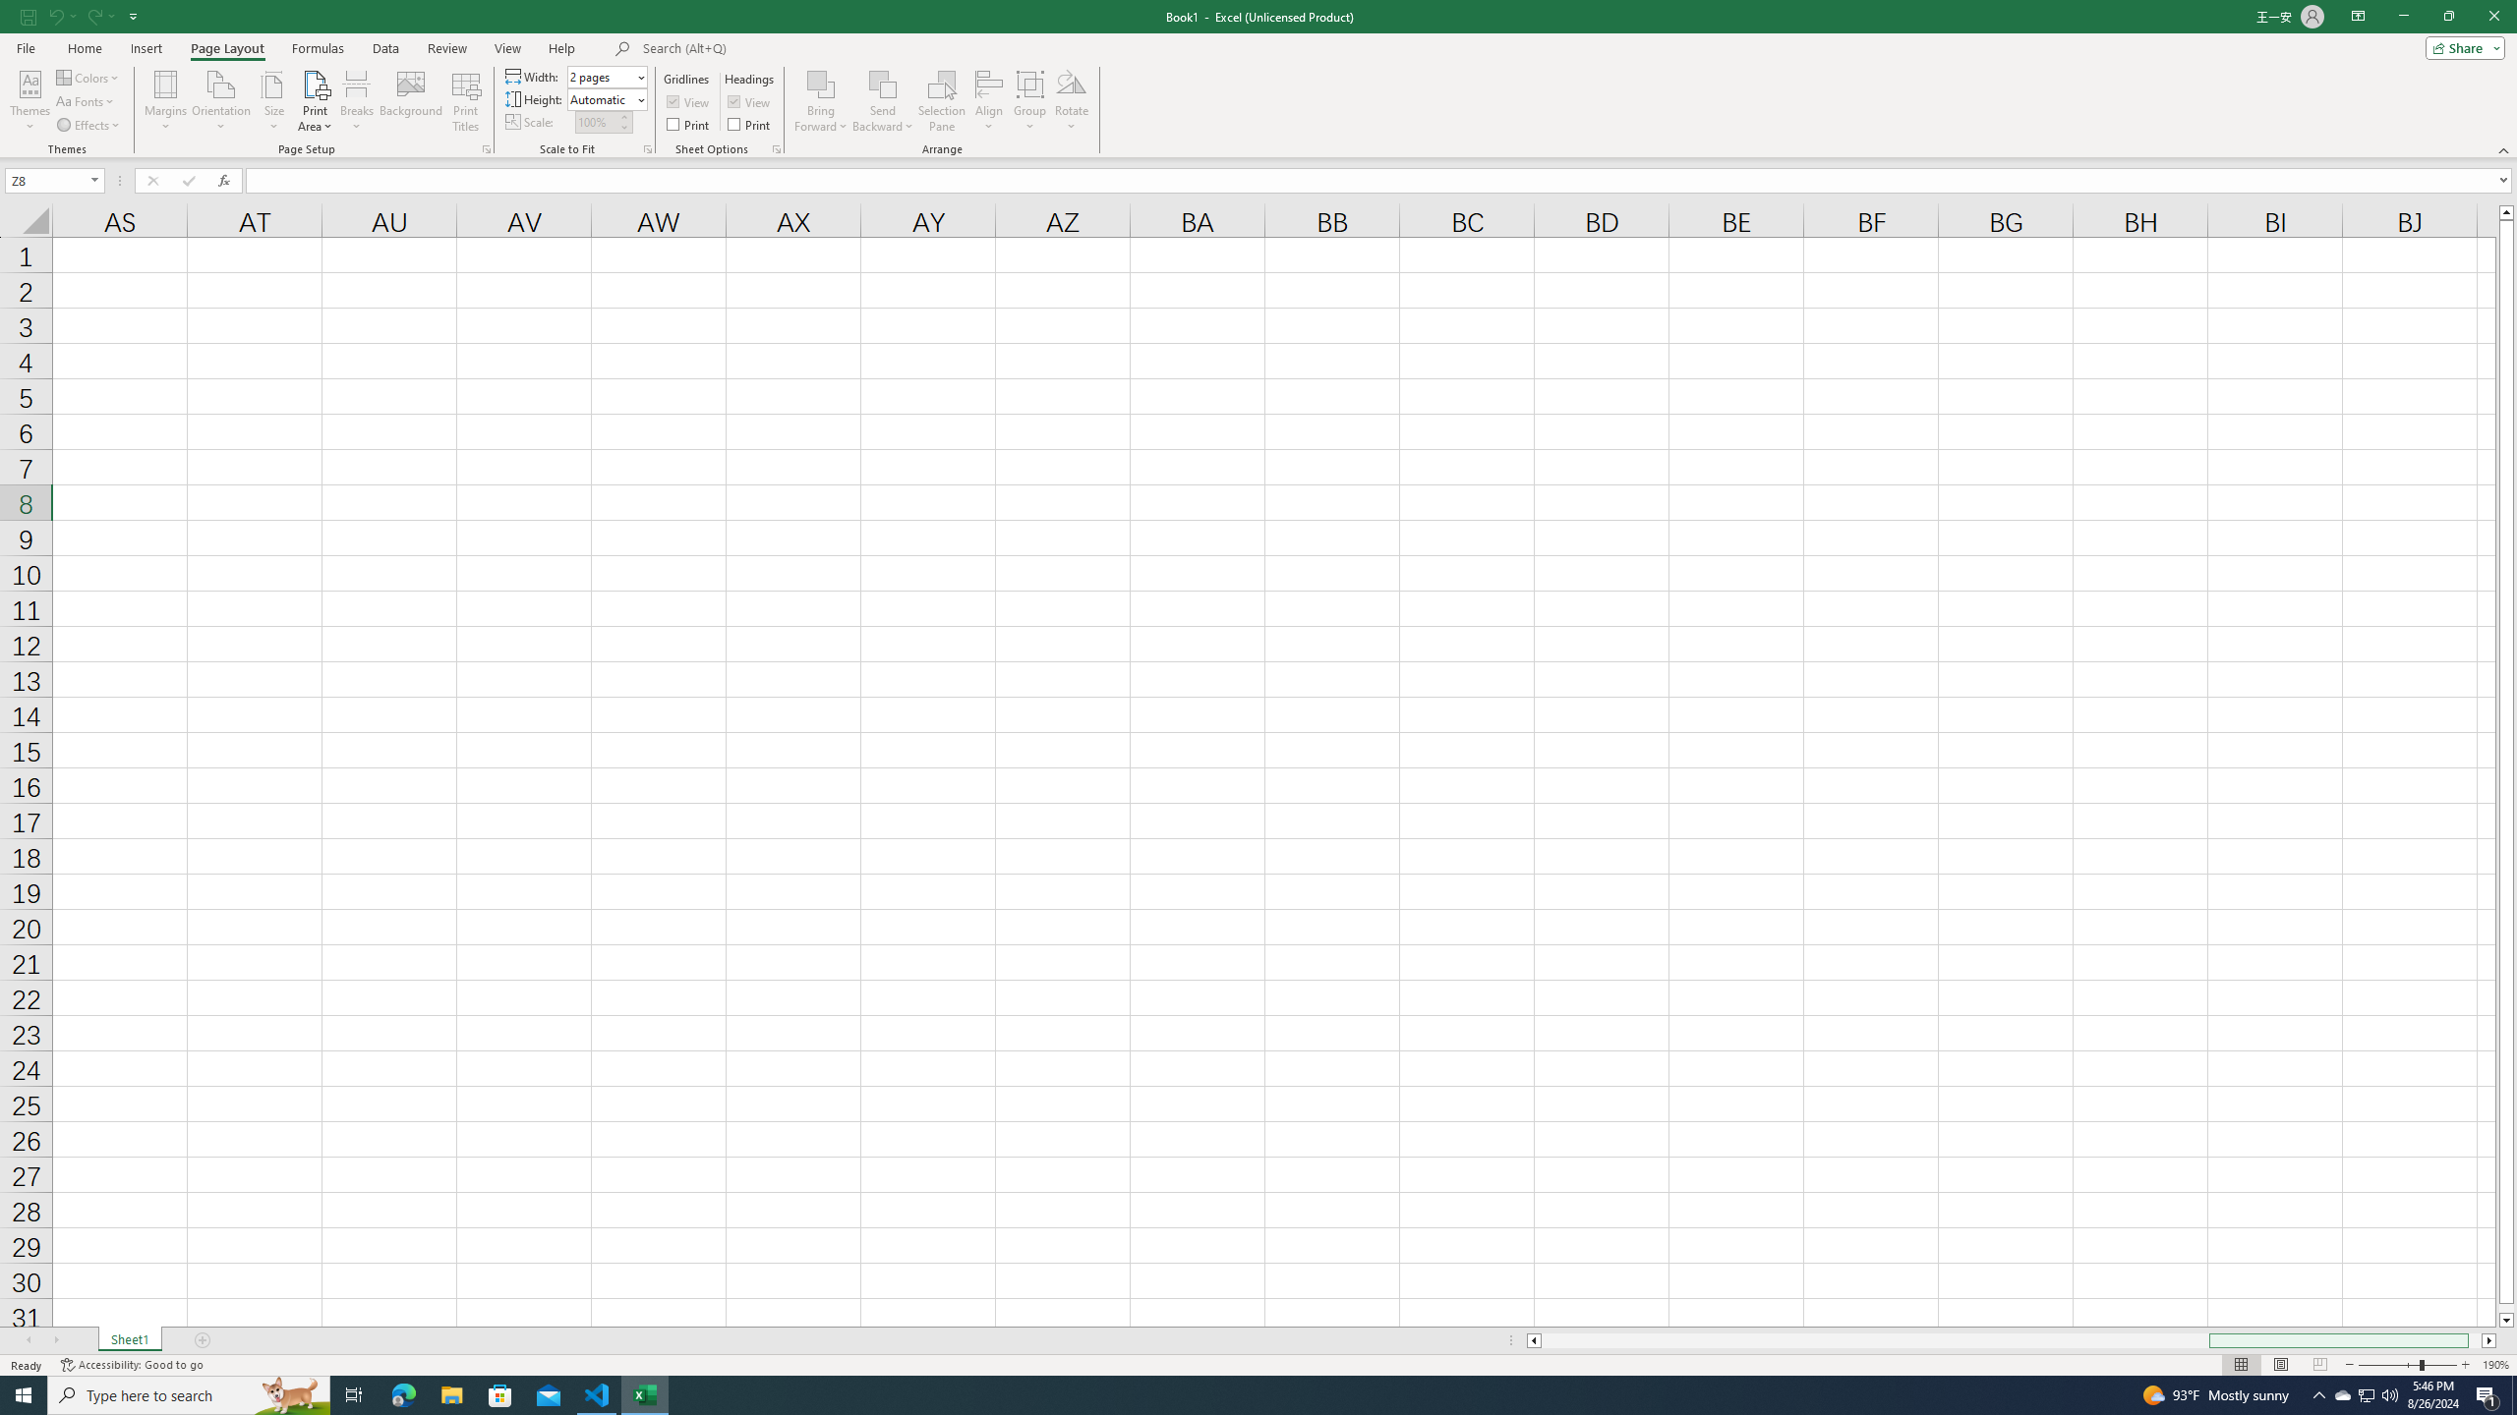 This screenshot has height=1415, width=2517. Describe the element at coordinates (445, 48) in the screenshot. I see `'Review'` at that location.